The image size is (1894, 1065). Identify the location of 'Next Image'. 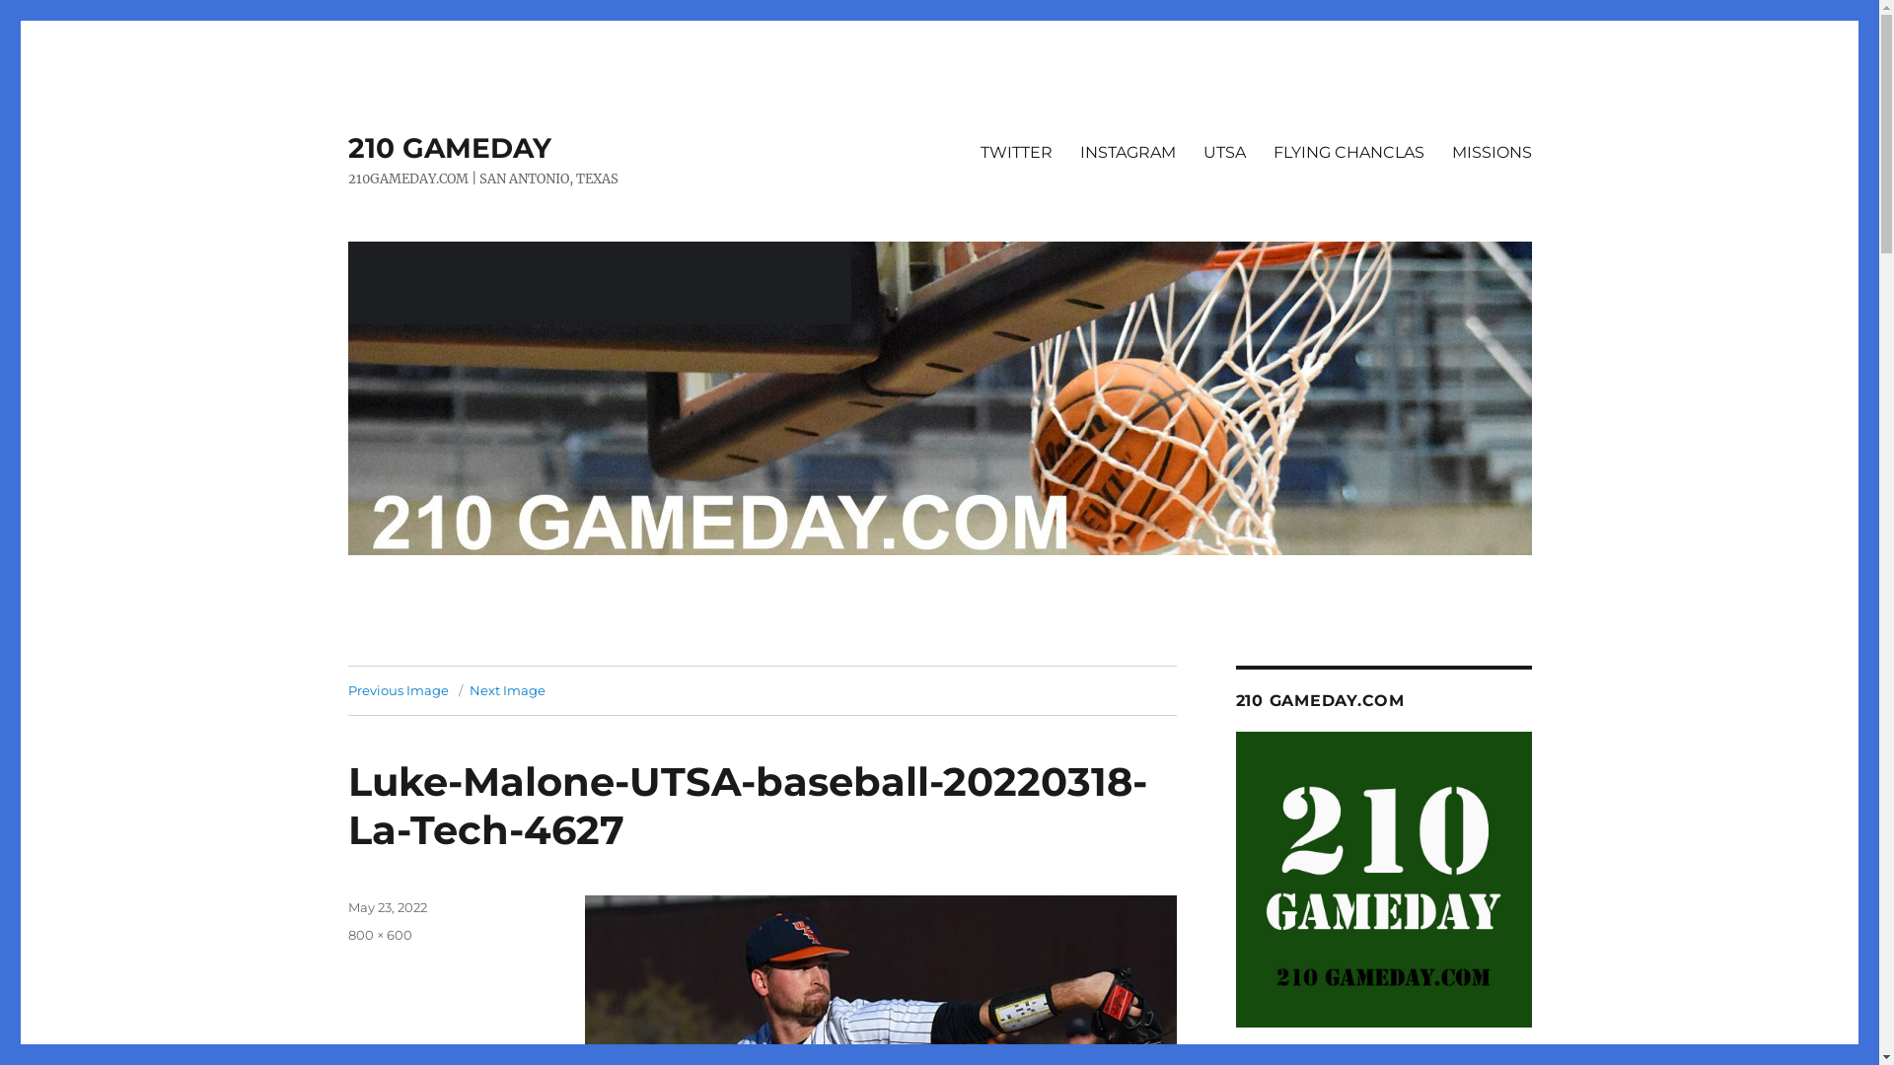
(507, 688).